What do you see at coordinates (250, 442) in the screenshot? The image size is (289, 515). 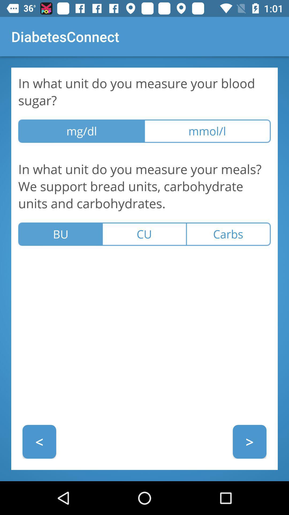 I see `the > item` at bounding box center [250, 442].